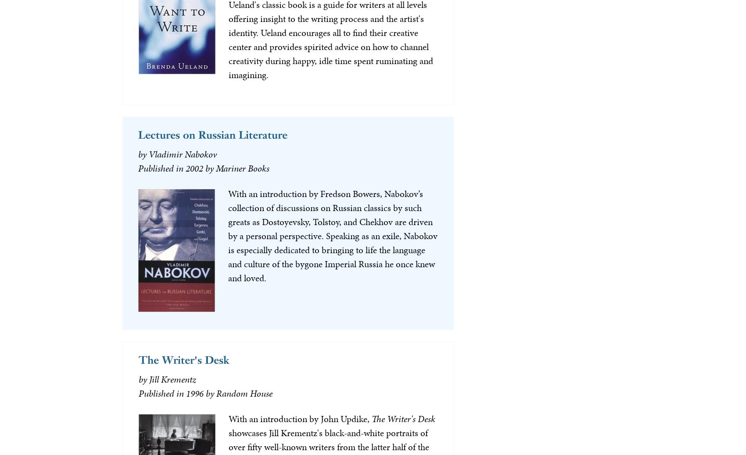 The width and height of the screenshot is (746, 455). Describe the element at coordinates (236, 167) in the screenshot. I see `'by Mariner Books'` at that location.